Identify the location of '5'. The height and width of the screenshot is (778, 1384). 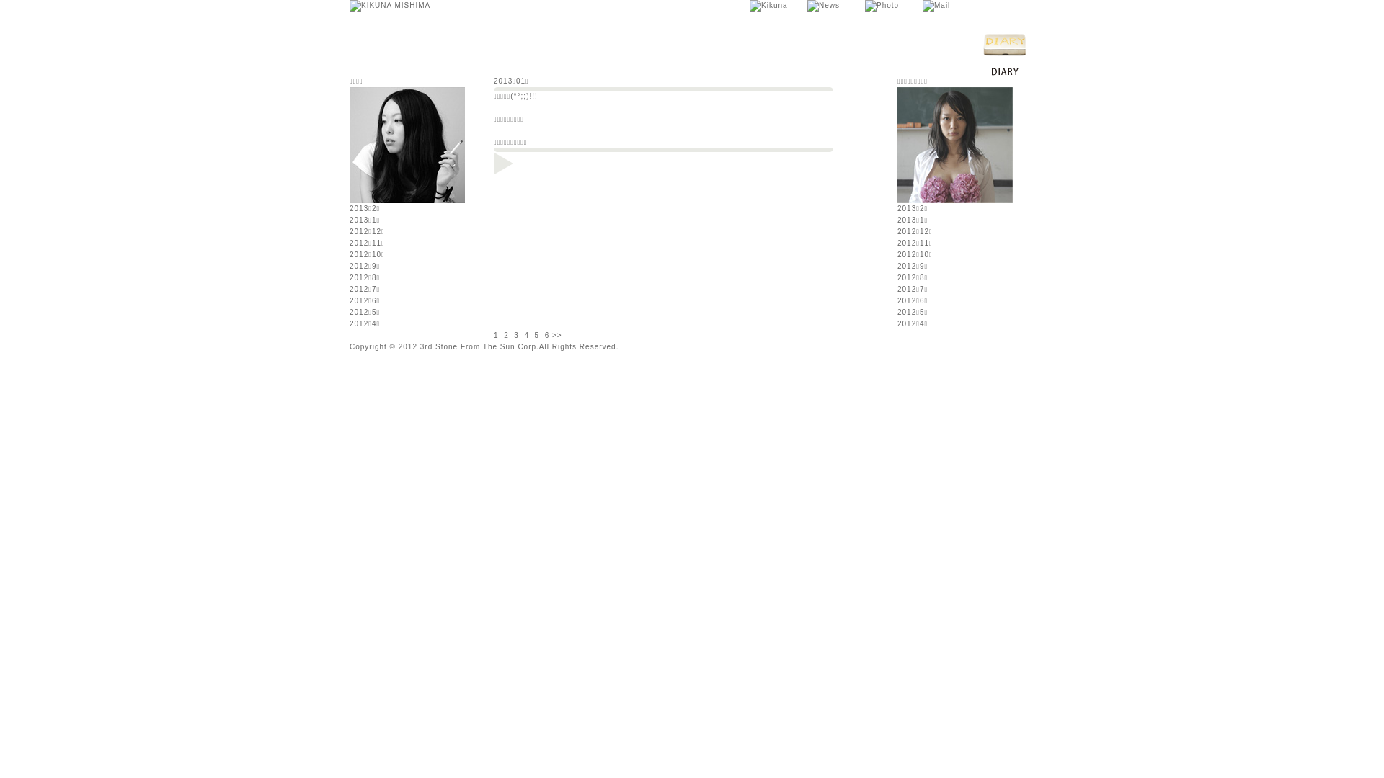
(536, 335).